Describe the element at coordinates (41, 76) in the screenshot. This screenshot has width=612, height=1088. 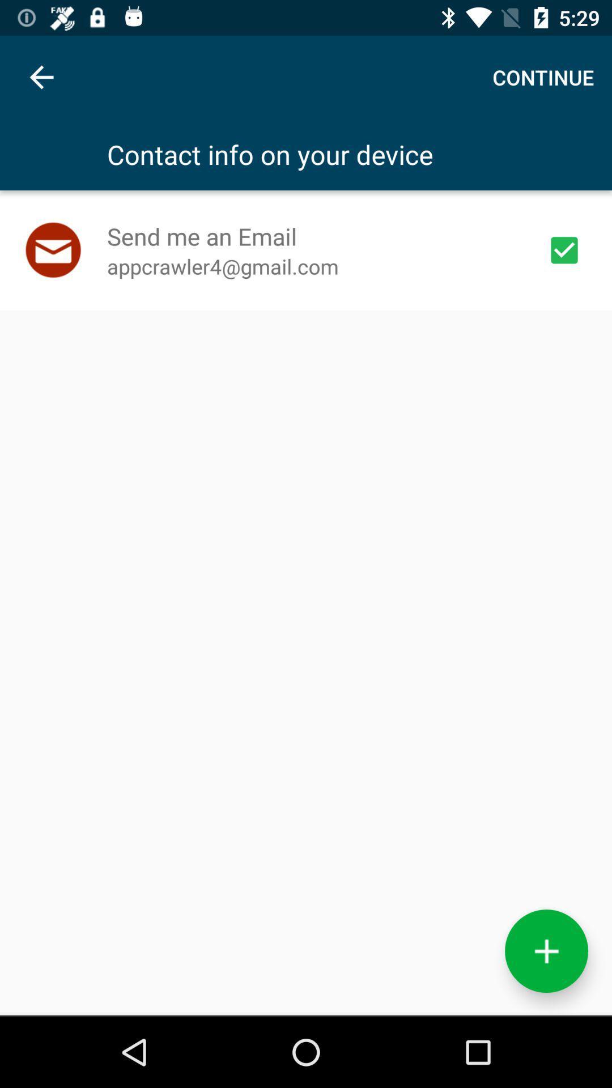
I see `the icon next to continue icon` at that location.